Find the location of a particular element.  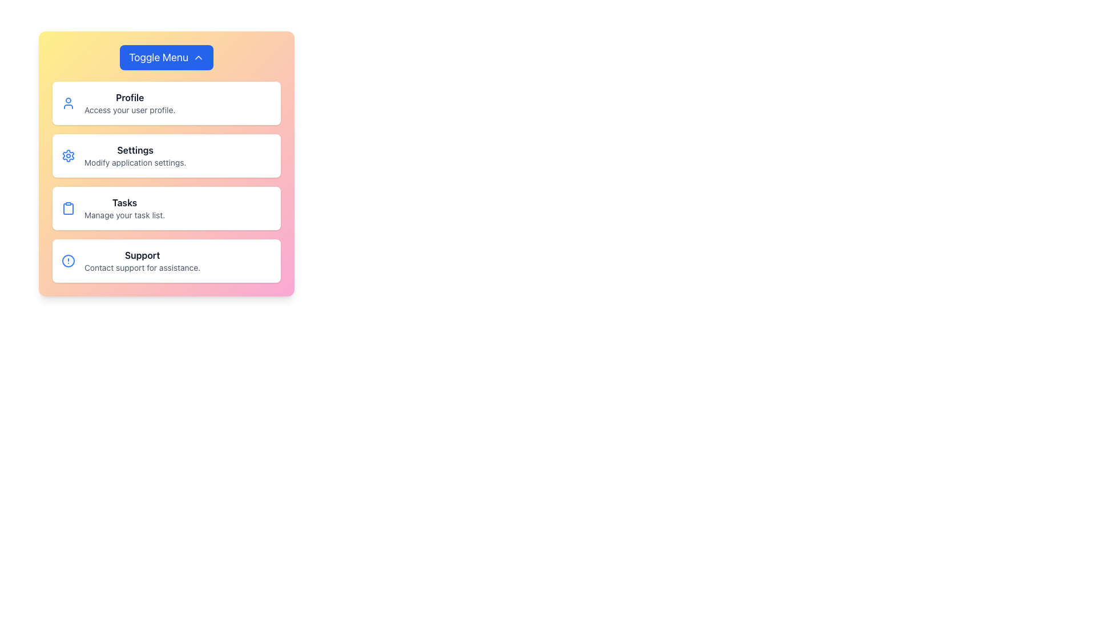

the first card in the navigation list labeled 'Profile' for accessibility navigation is located at coordinates (166, 103).